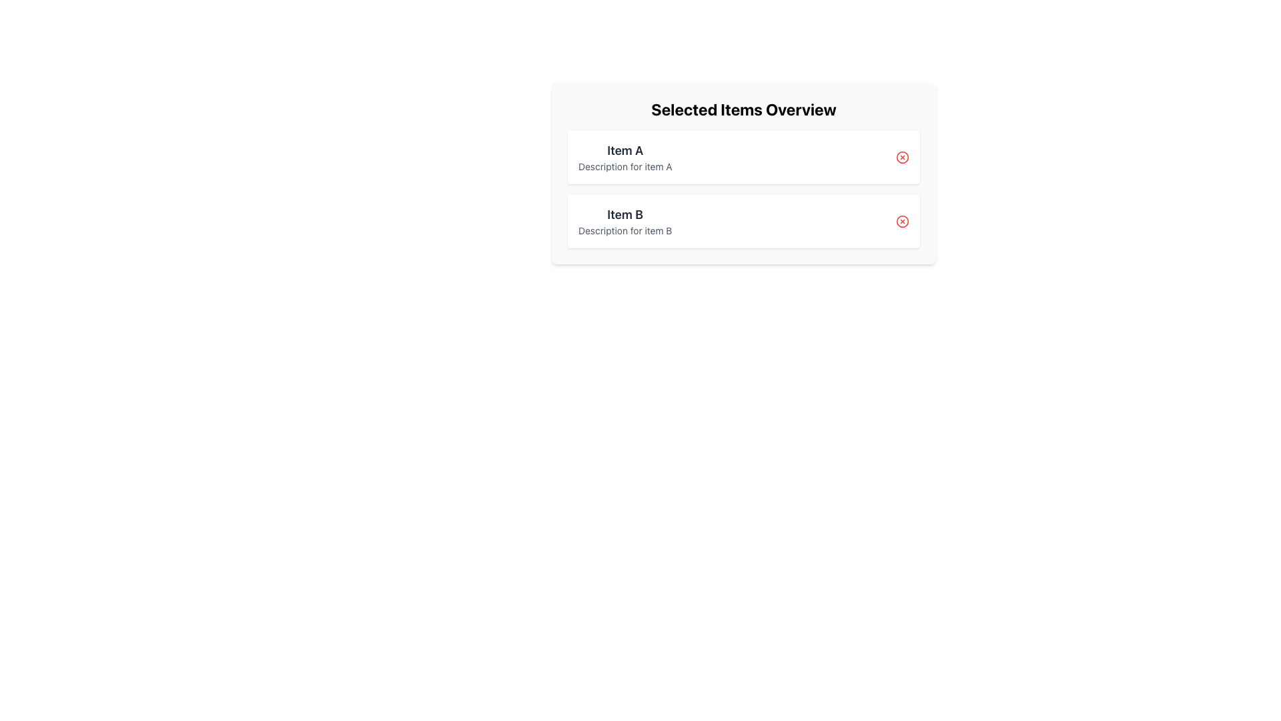  I want to click on the descriptive text element located below the heading 'Item B' in the 'Selected Items Overview' section, so click(624, 230).